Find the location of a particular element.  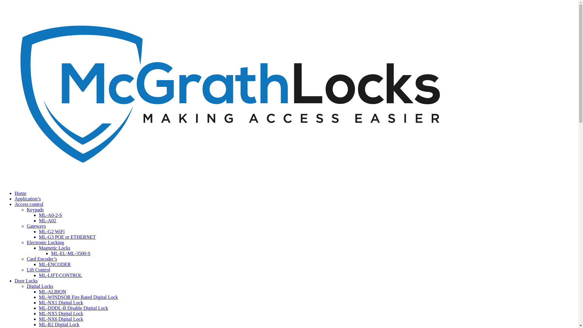

'Keypads' is located at coordinates (35, 209).